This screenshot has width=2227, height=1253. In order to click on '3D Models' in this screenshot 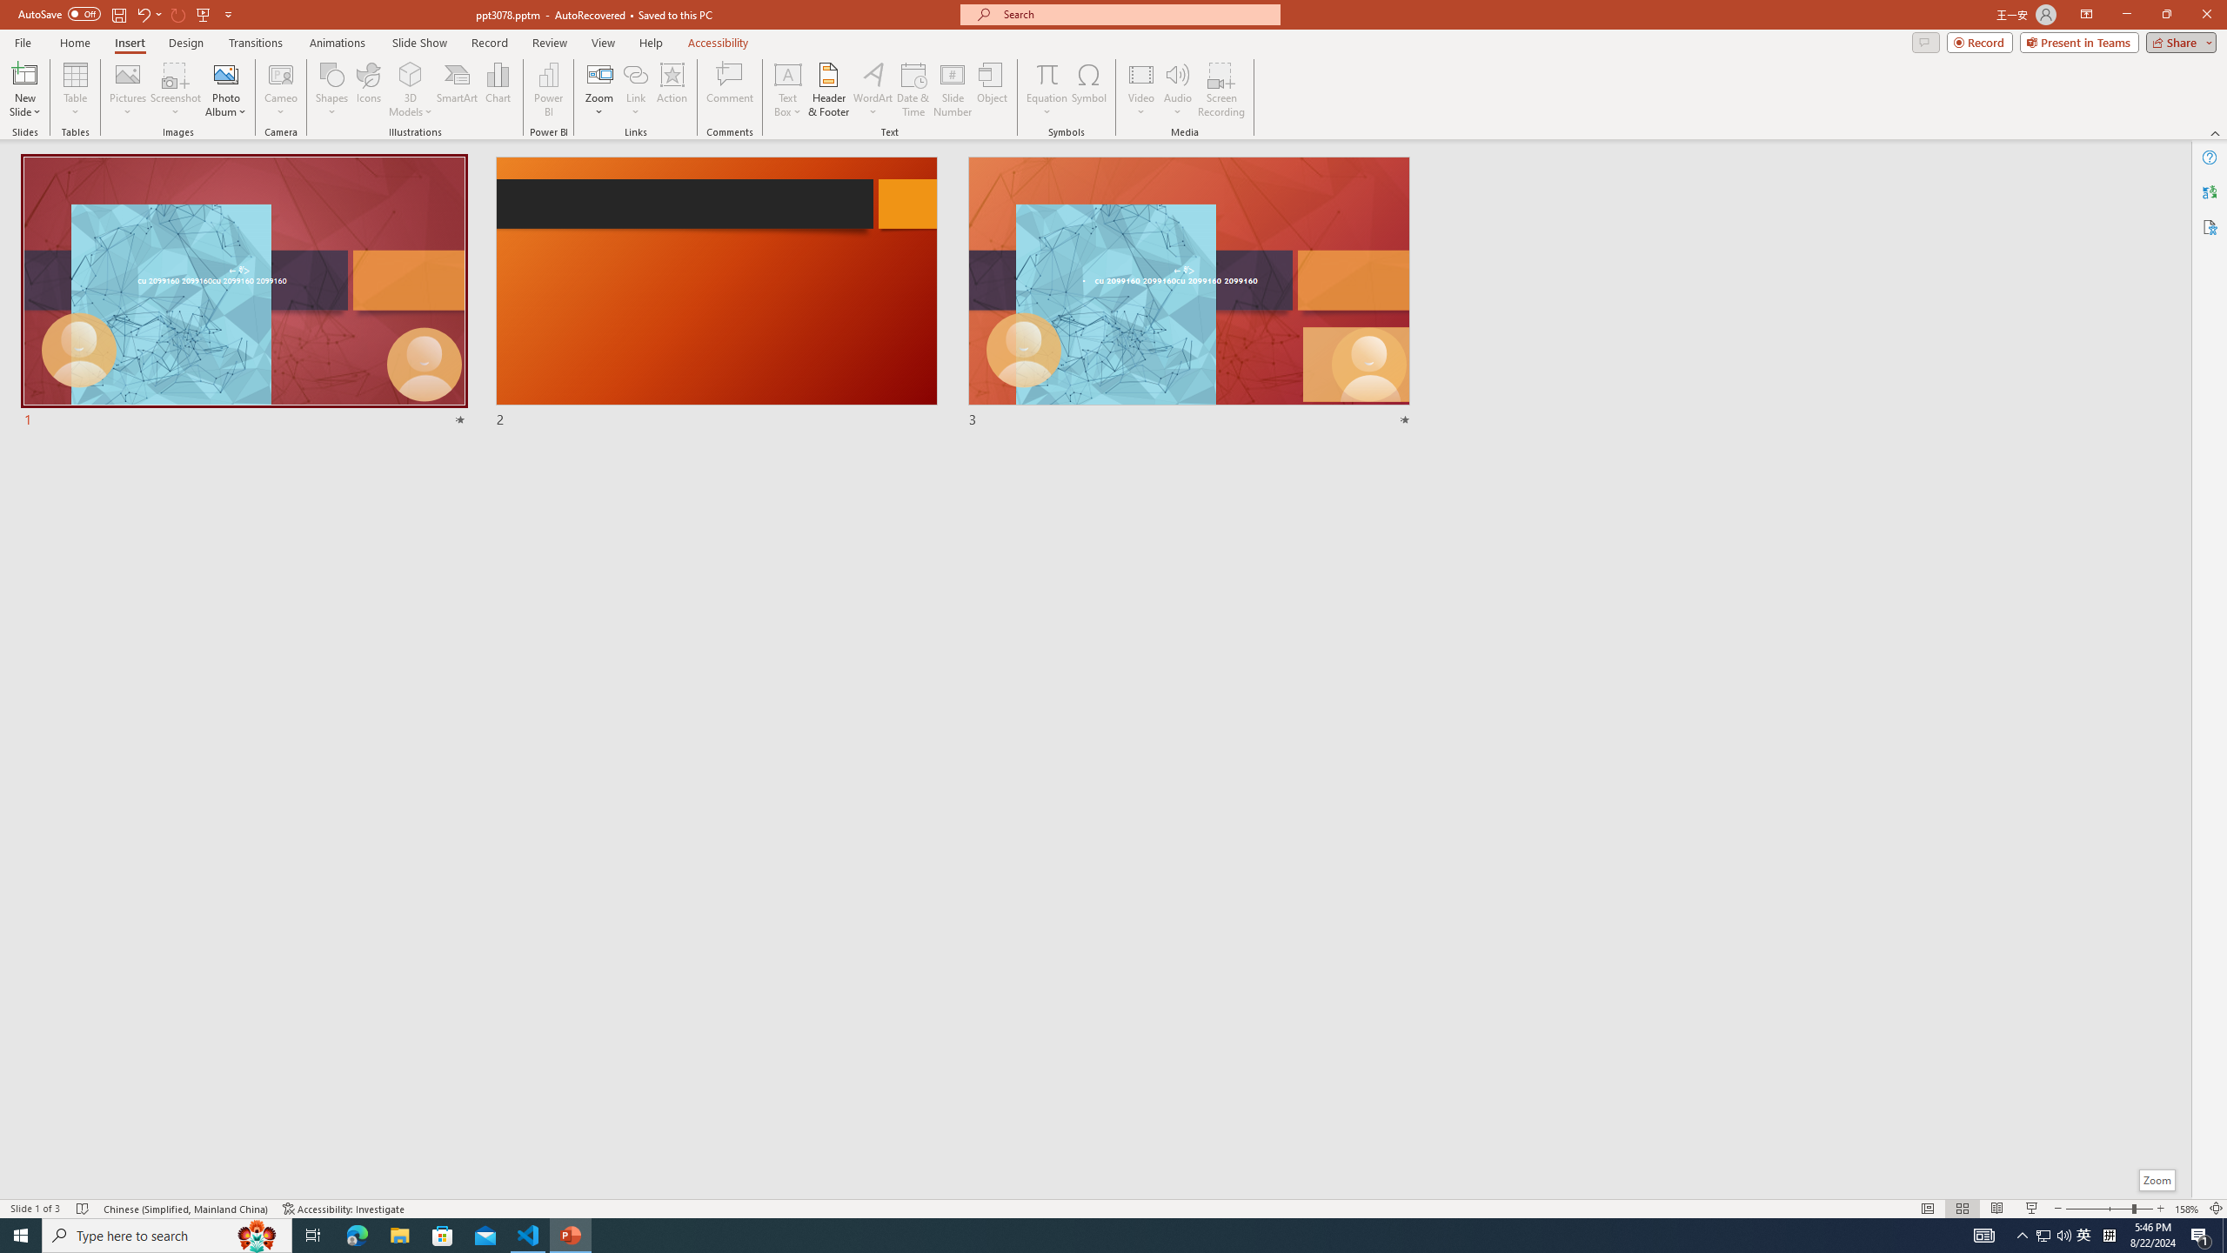, I will do `click(411, 90)`.